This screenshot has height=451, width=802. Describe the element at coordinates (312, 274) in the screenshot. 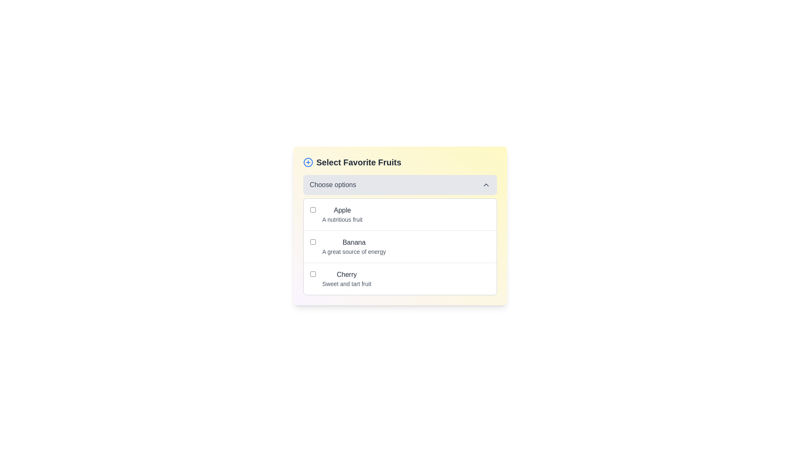

I see `the checkbox for 'Cherry', which is a small checkbox with a tick mark for selection, located next to the label 'Cherry'` at that location.